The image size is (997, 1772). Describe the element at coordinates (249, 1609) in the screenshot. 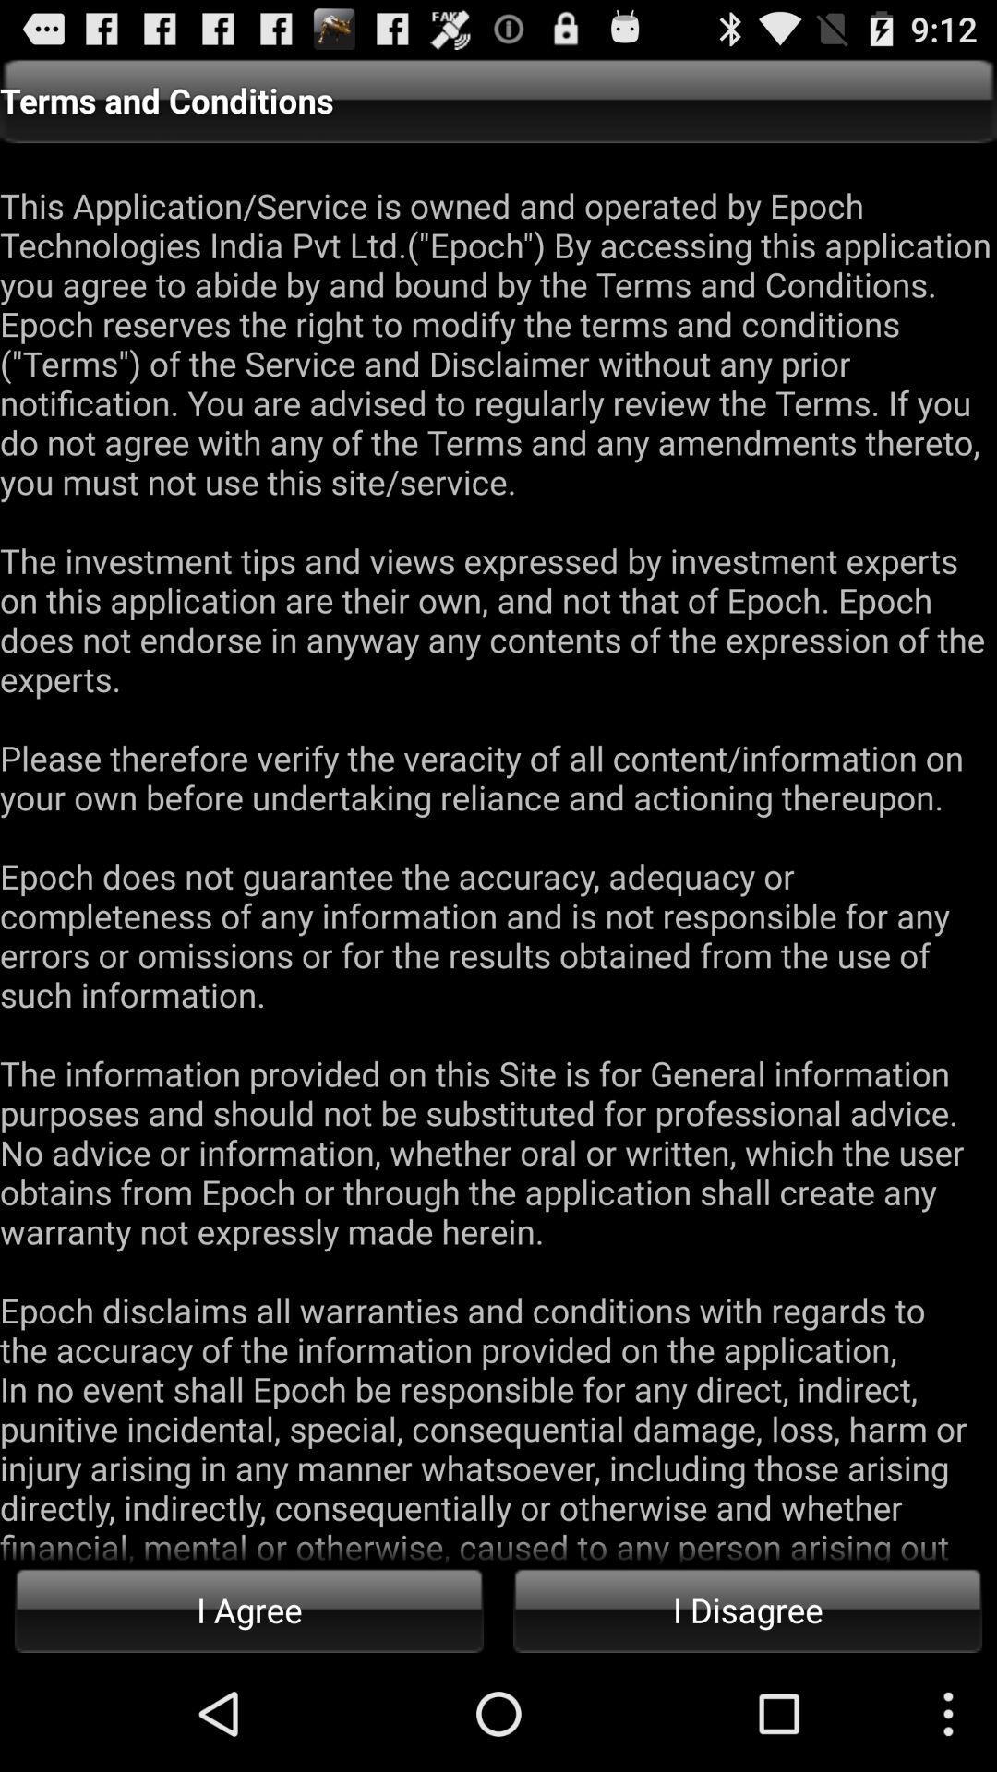

I see `the item at the bottom left corner` at that location.